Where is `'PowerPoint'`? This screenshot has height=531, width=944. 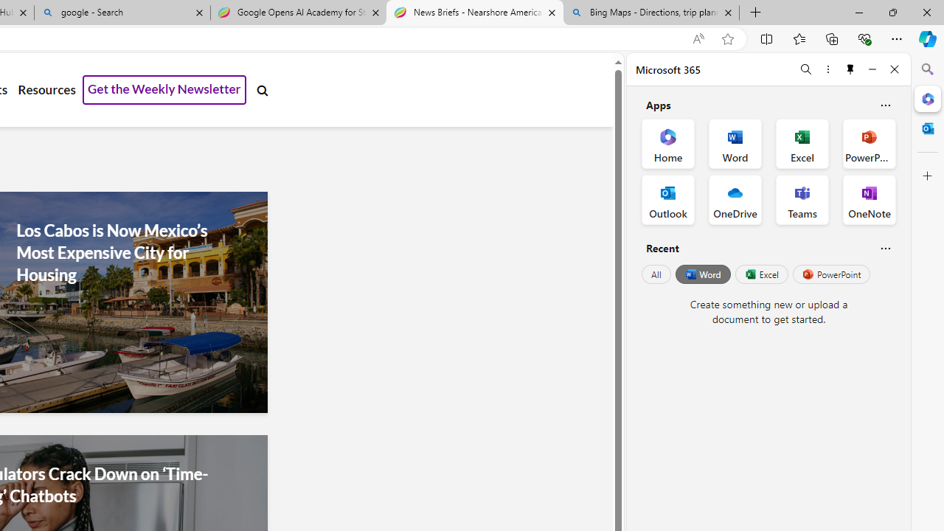 'PowerPoint' is located at coordinates (831, 274).